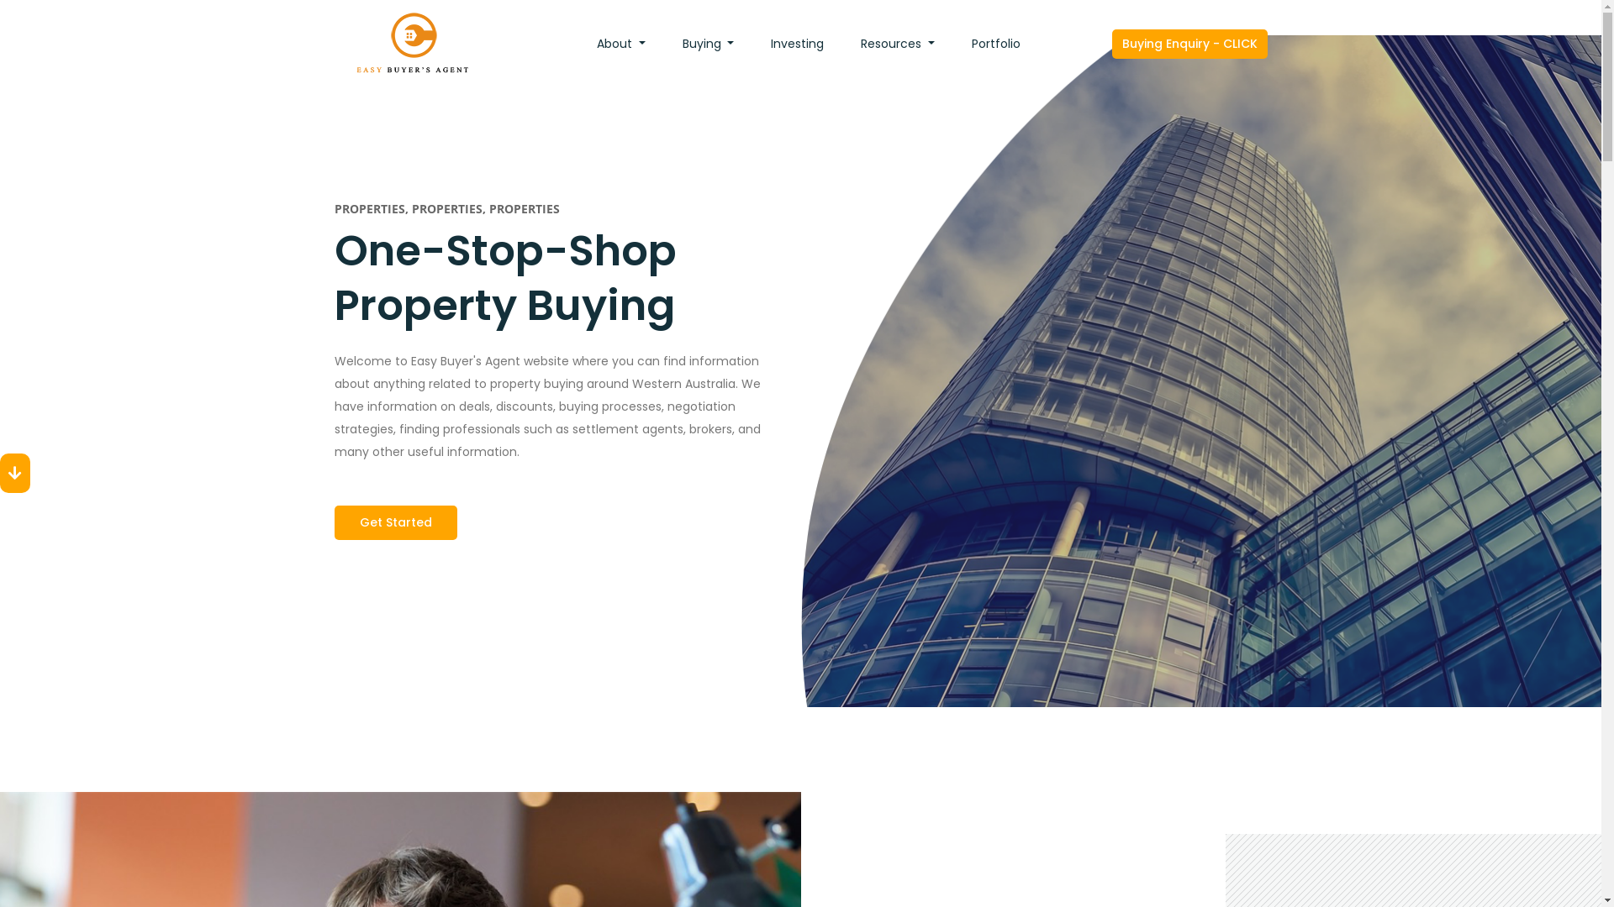 The width and height of the screenshot is (1614, 907). Describe the element at coordinates (394, 522) in the screenshot. I see `'Get Started'` at that location.